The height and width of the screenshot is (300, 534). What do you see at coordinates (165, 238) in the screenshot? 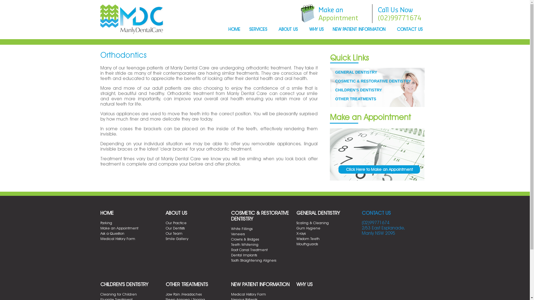
I see `'Smile Gallery'` at bounding box center [165, 238].